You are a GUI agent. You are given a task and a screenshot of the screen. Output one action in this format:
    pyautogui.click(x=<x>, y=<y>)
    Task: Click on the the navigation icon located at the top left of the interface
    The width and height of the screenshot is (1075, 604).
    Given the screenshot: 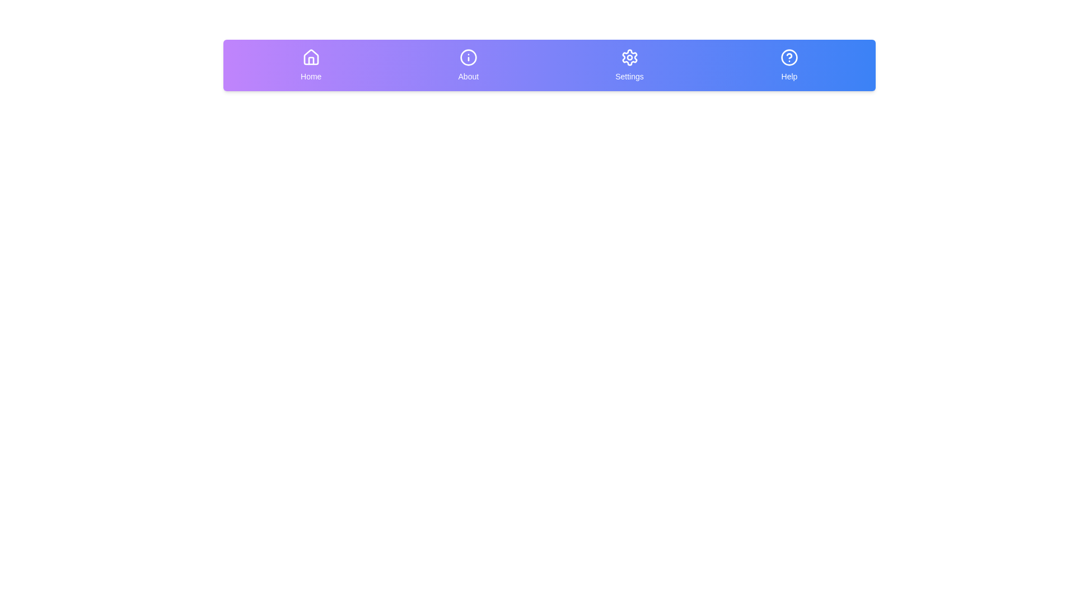 What is the action you would take?
    pyautogui.click(x=311, y=58)
    